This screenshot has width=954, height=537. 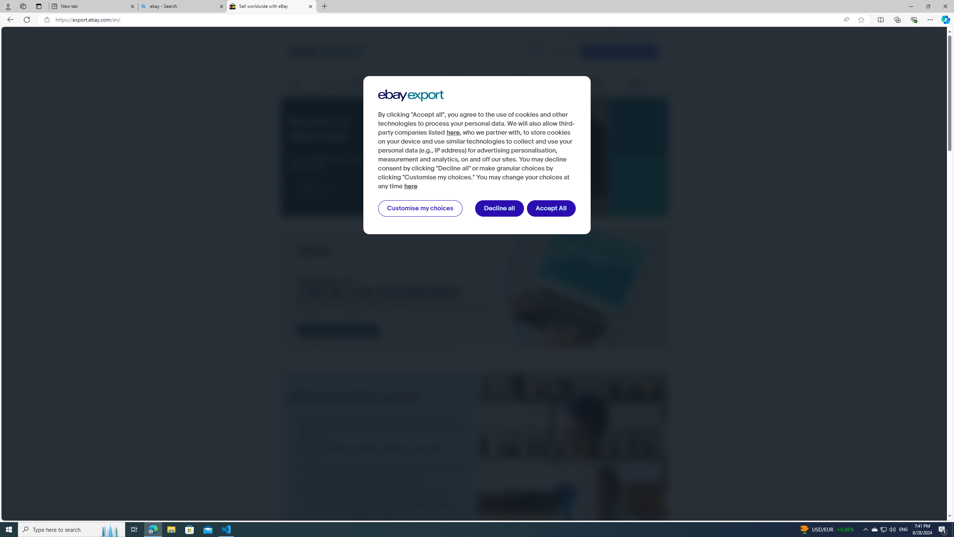 What do you see at coordinates (913, 19) in the screenshot?
I see `'Browser essentials'` at bounding box center [913, 19].